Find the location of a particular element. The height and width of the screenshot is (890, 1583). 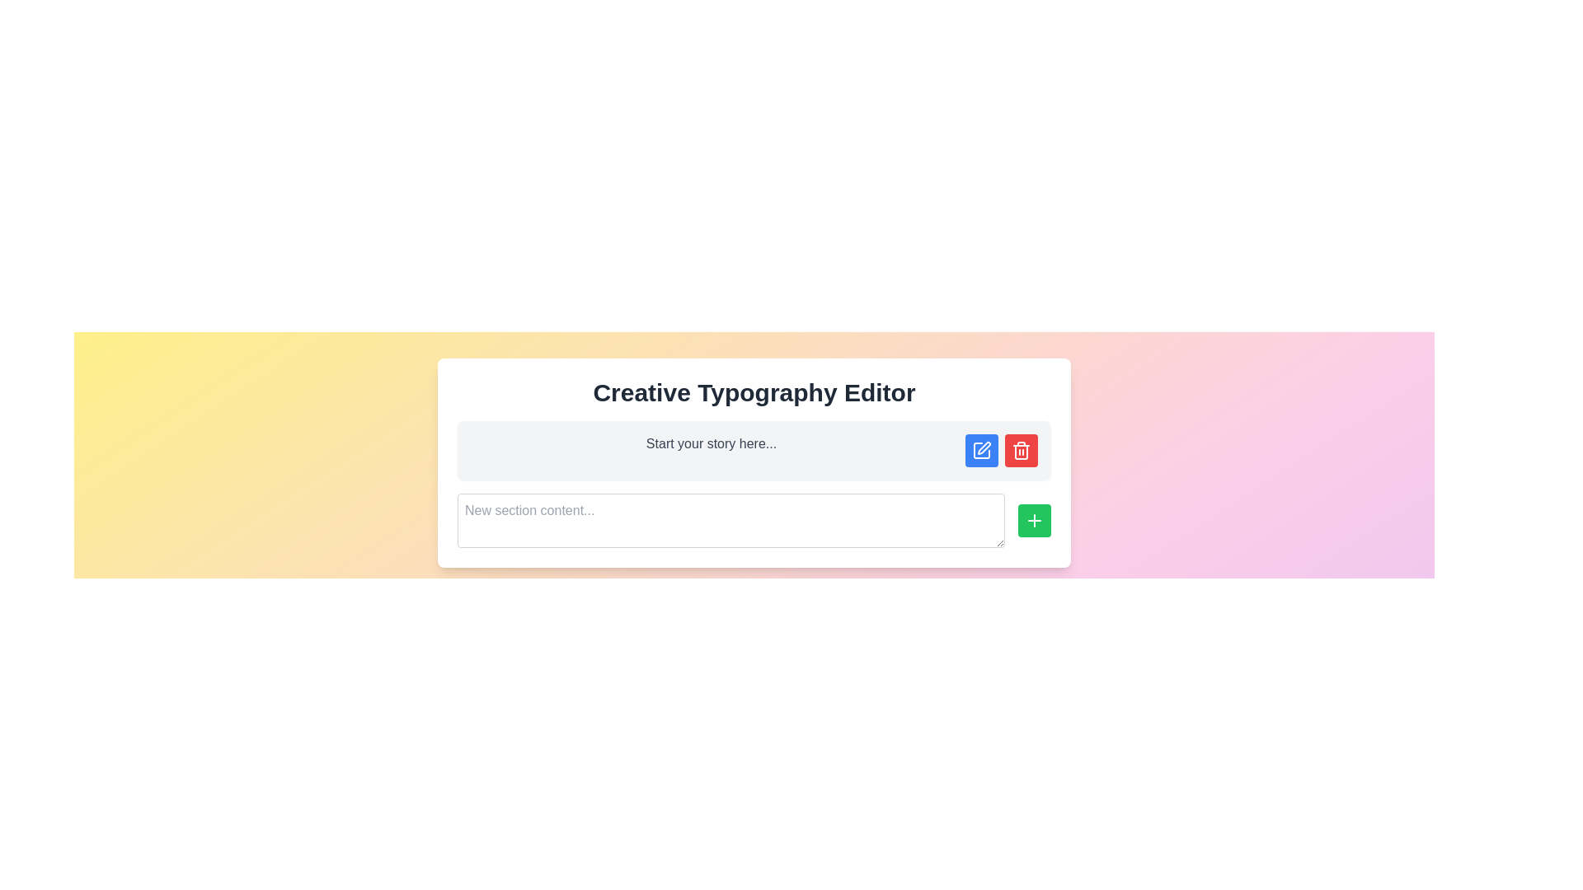

the editable text prompt field with placeholder text 'Start your story here...' is located at coordinates (754, 451).